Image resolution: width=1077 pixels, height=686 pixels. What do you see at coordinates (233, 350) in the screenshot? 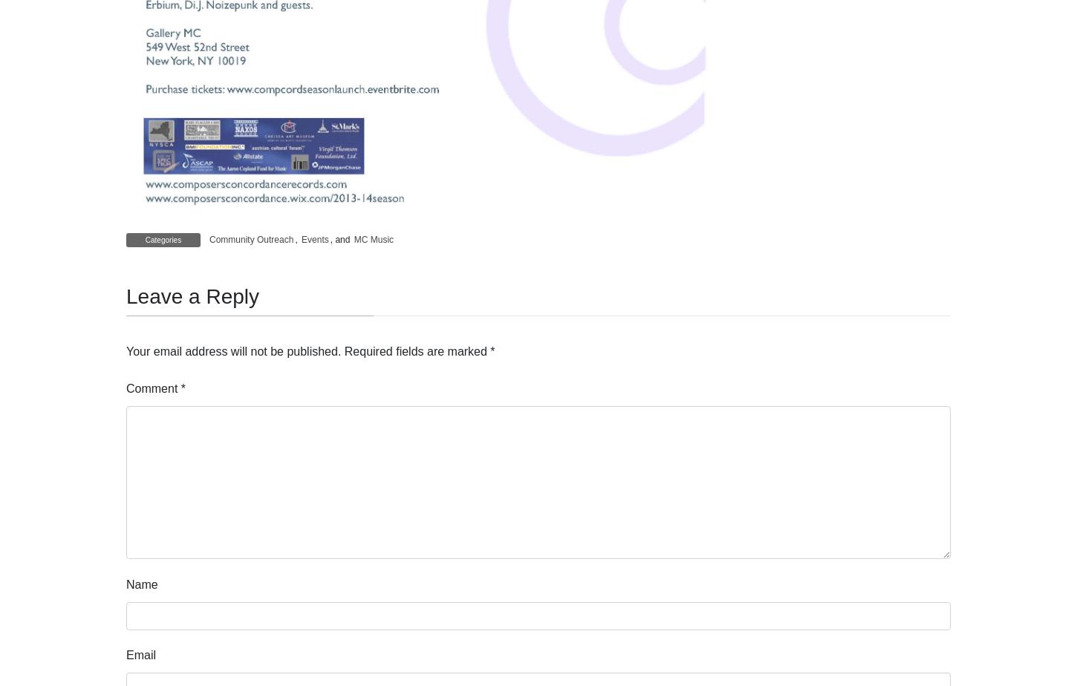
I see `'Your email address will not be published.'` at bounding box center [233, 350].